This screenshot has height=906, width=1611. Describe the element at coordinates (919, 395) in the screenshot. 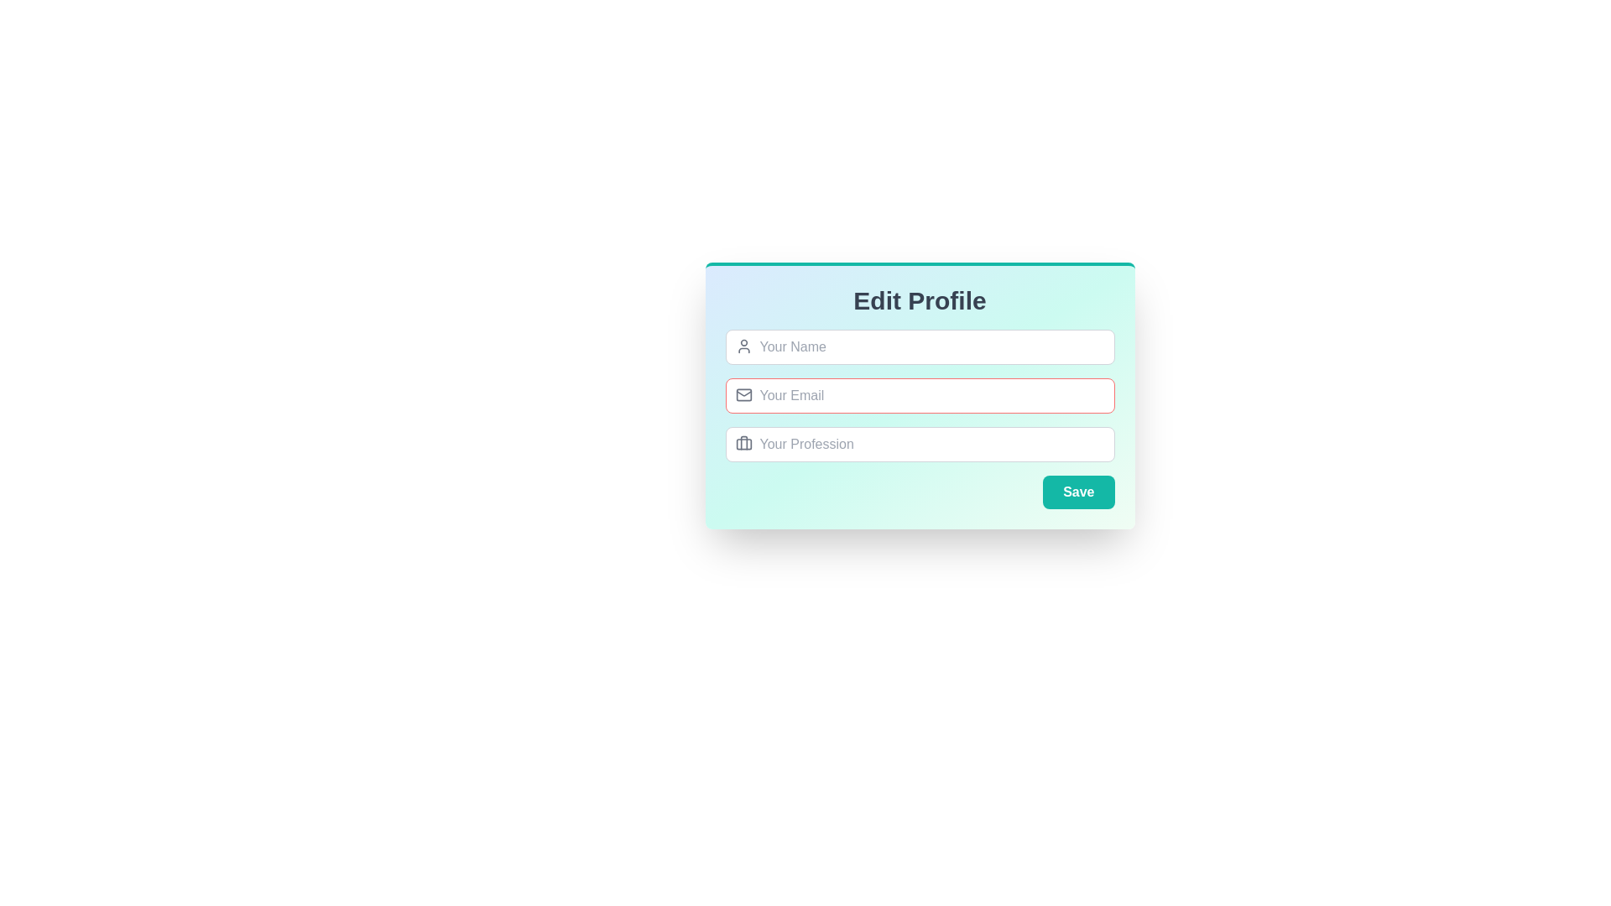

I see `the profile editing form` at that location.